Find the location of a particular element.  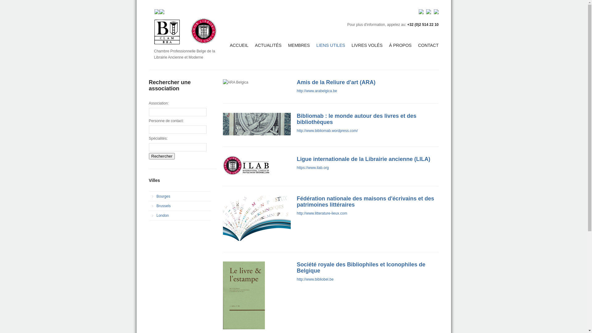

'CONTACT' is located at coordinates (428, 45).